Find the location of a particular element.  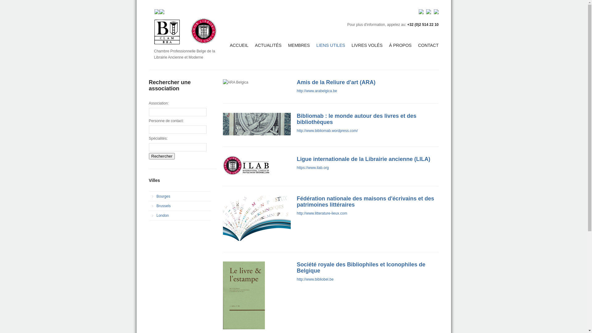

'CONTACT' is located at coordinates (428, 45).